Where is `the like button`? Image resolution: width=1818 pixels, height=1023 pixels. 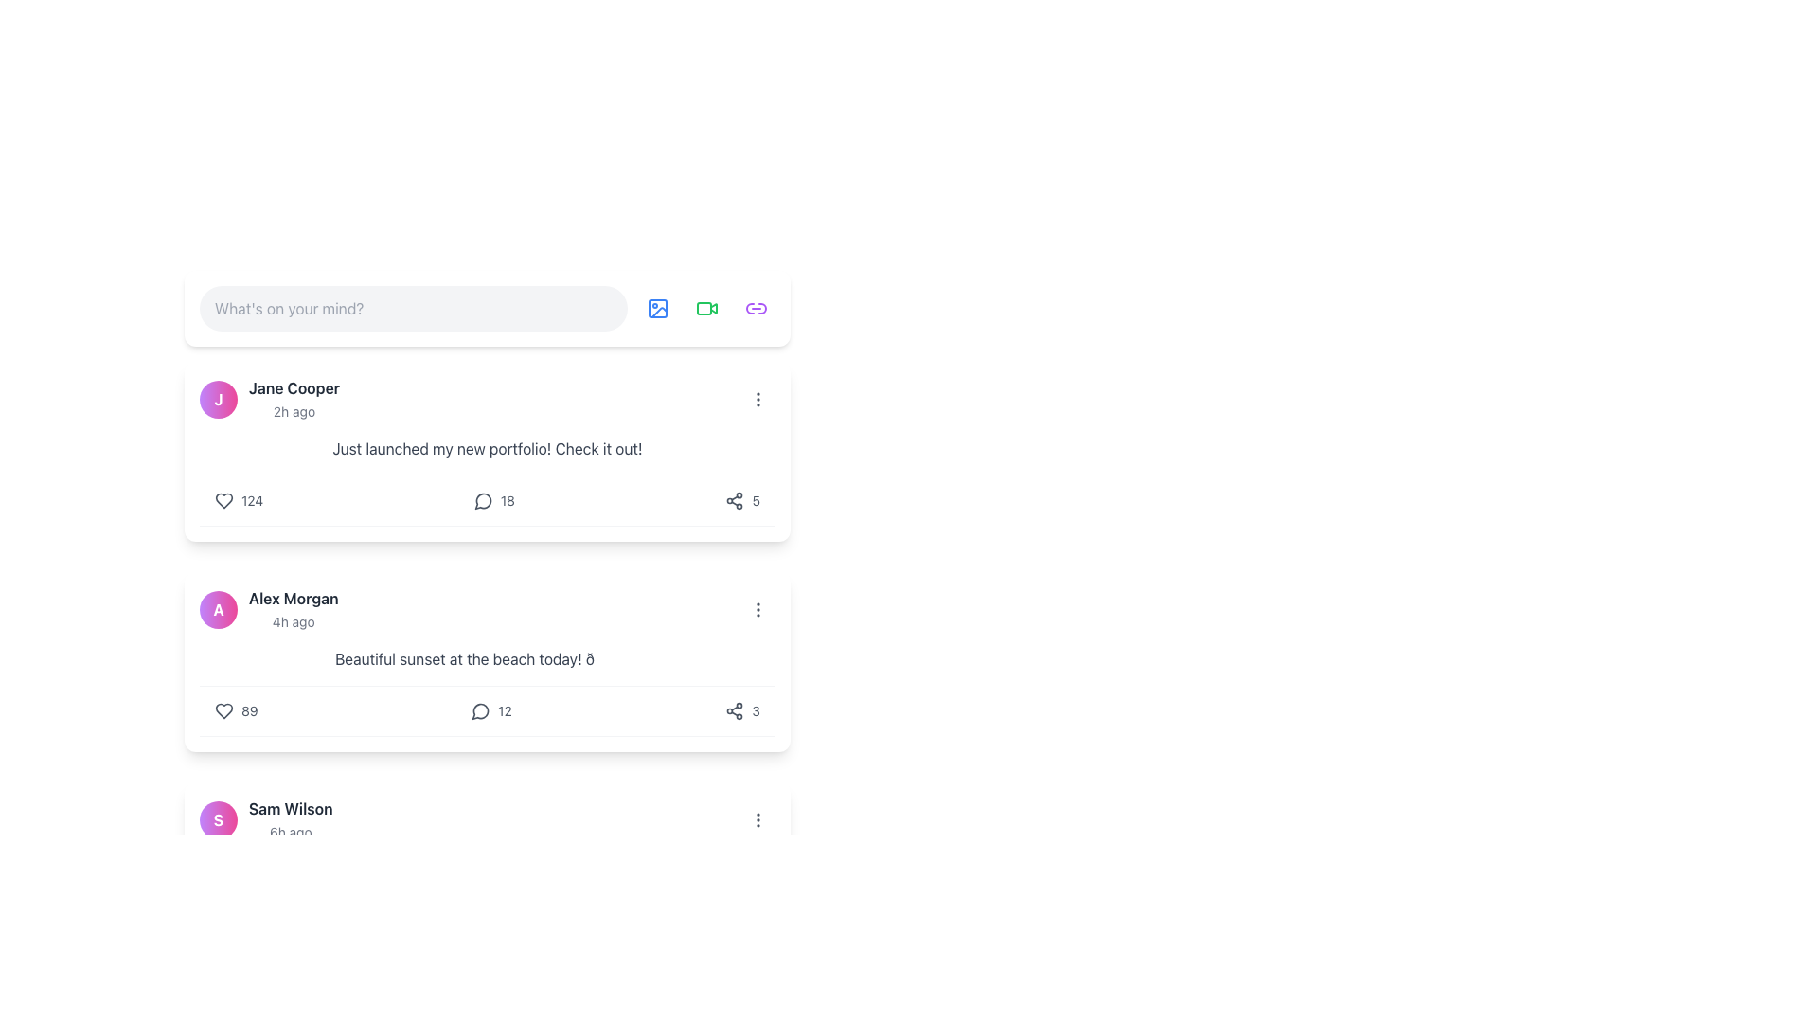 the like button is located at coordinates (223, 920).